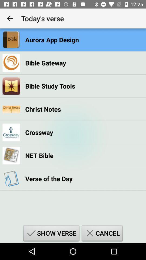 The width and height of the screenshot is (146, 260). What do you see at coordinates (10, 18) in the screenshot?
I see `icon to the left of today's verse app` at bounding box center [10, 18].